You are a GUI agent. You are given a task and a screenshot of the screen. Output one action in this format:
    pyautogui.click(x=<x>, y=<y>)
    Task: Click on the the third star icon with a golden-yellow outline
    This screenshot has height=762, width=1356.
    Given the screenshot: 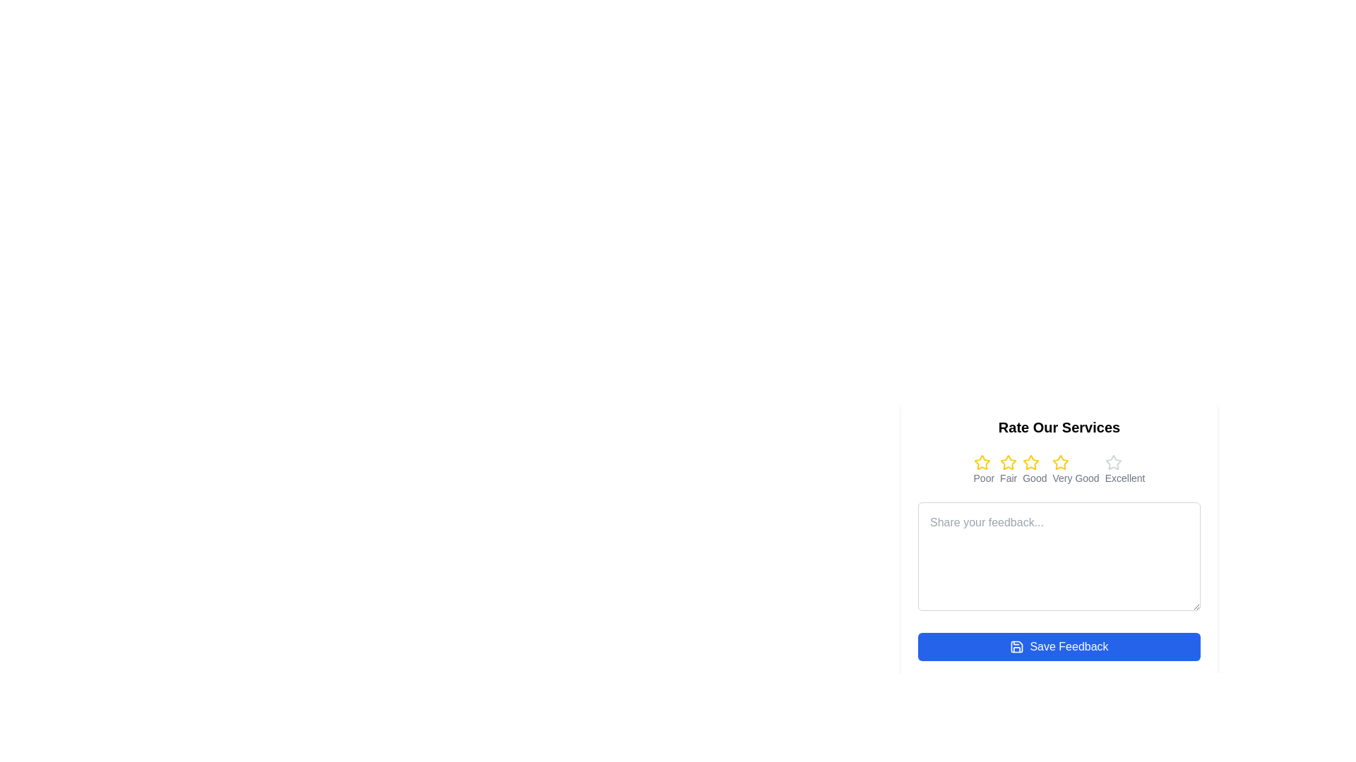 What is the action you would take?
    pyautogui.click(x=1030, y=462)
    